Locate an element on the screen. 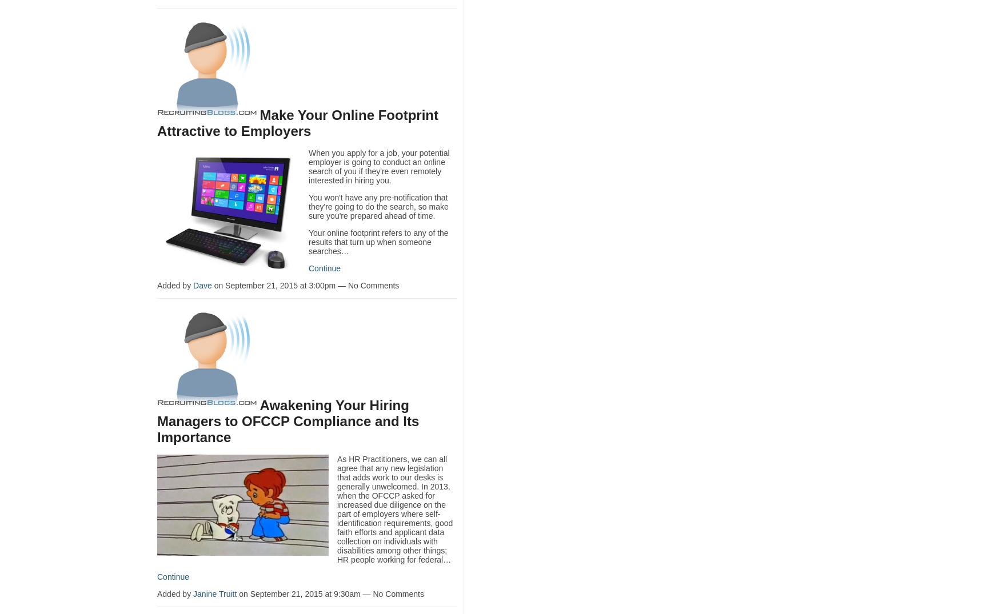 This screenshot has height=614, width=990. 'Janine Truitt' is located at coordinates (214, 593).